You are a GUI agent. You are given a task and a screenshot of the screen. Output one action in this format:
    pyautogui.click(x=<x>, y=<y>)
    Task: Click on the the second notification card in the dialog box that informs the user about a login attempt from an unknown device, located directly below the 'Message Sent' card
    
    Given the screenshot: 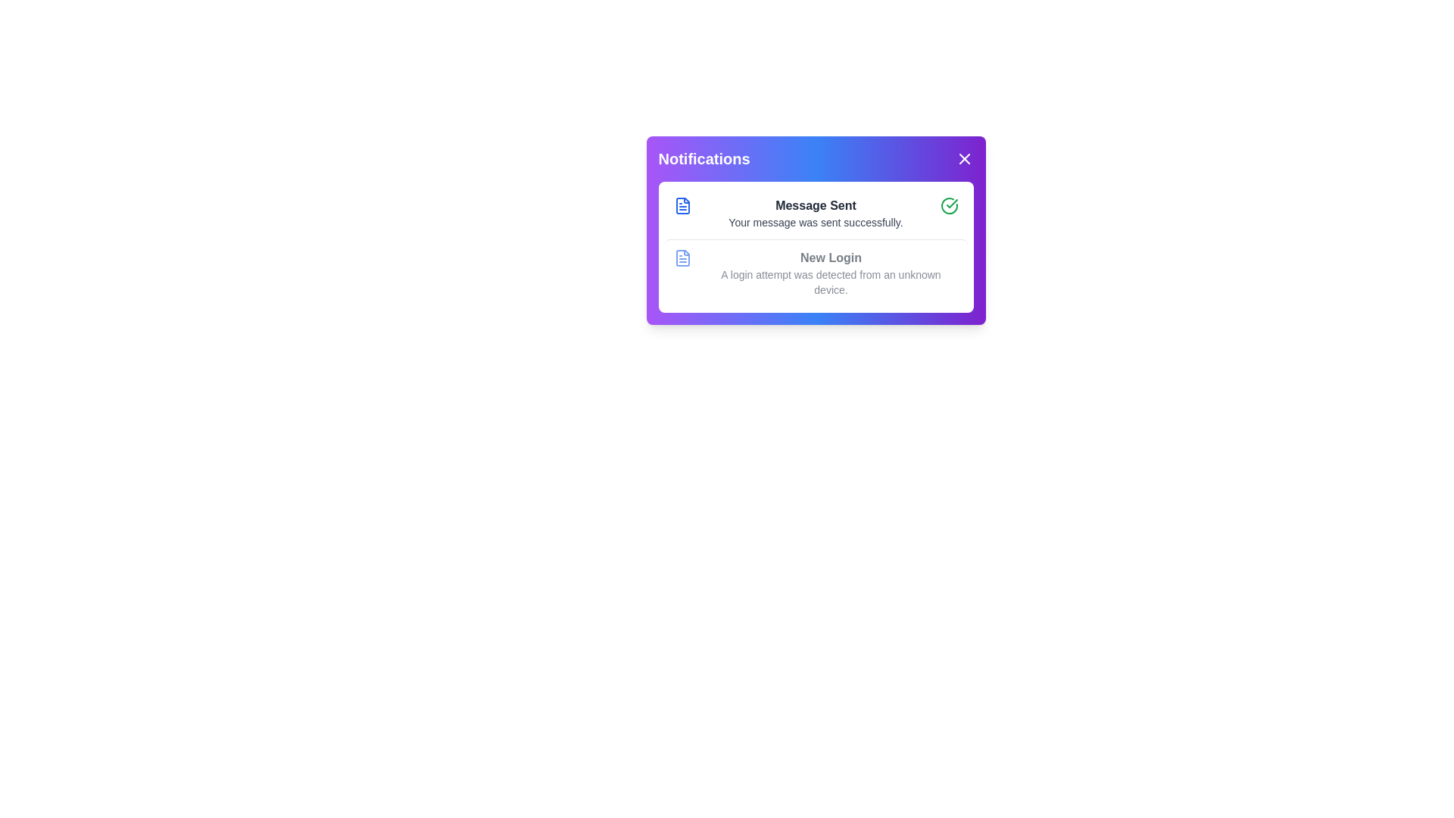 What is the action you would take?
    pyautogui.click(x=815, y=273)
    